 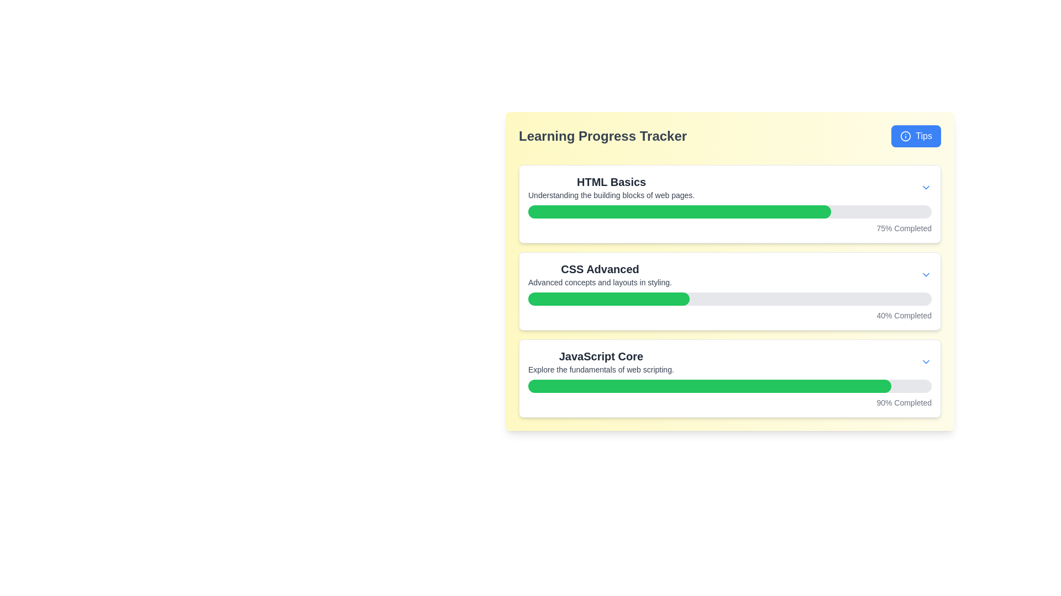 What do you see at coordinates (926, 361) in the screenshot?
I see `the downward-pointing chevron icon, which is a blue SVG button located at the upper right corner of the 'JavaScript Core' card` at bounding box center [926, 361].